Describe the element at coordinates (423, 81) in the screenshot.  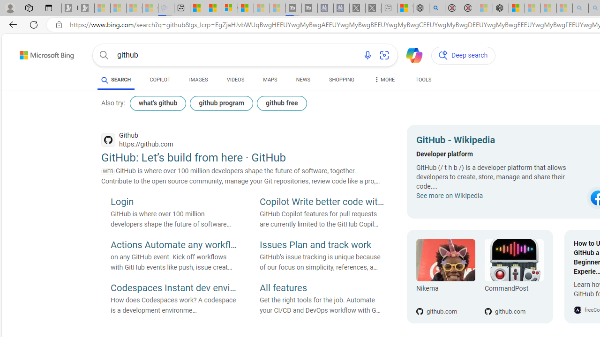
I see `'TOOLS'` at that location.